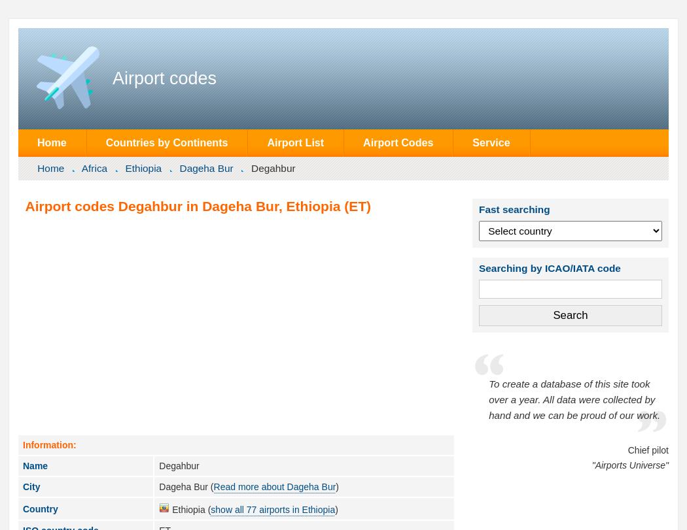  I want to click on 'Searching by ICAO/IATA code', so click(550, 267).